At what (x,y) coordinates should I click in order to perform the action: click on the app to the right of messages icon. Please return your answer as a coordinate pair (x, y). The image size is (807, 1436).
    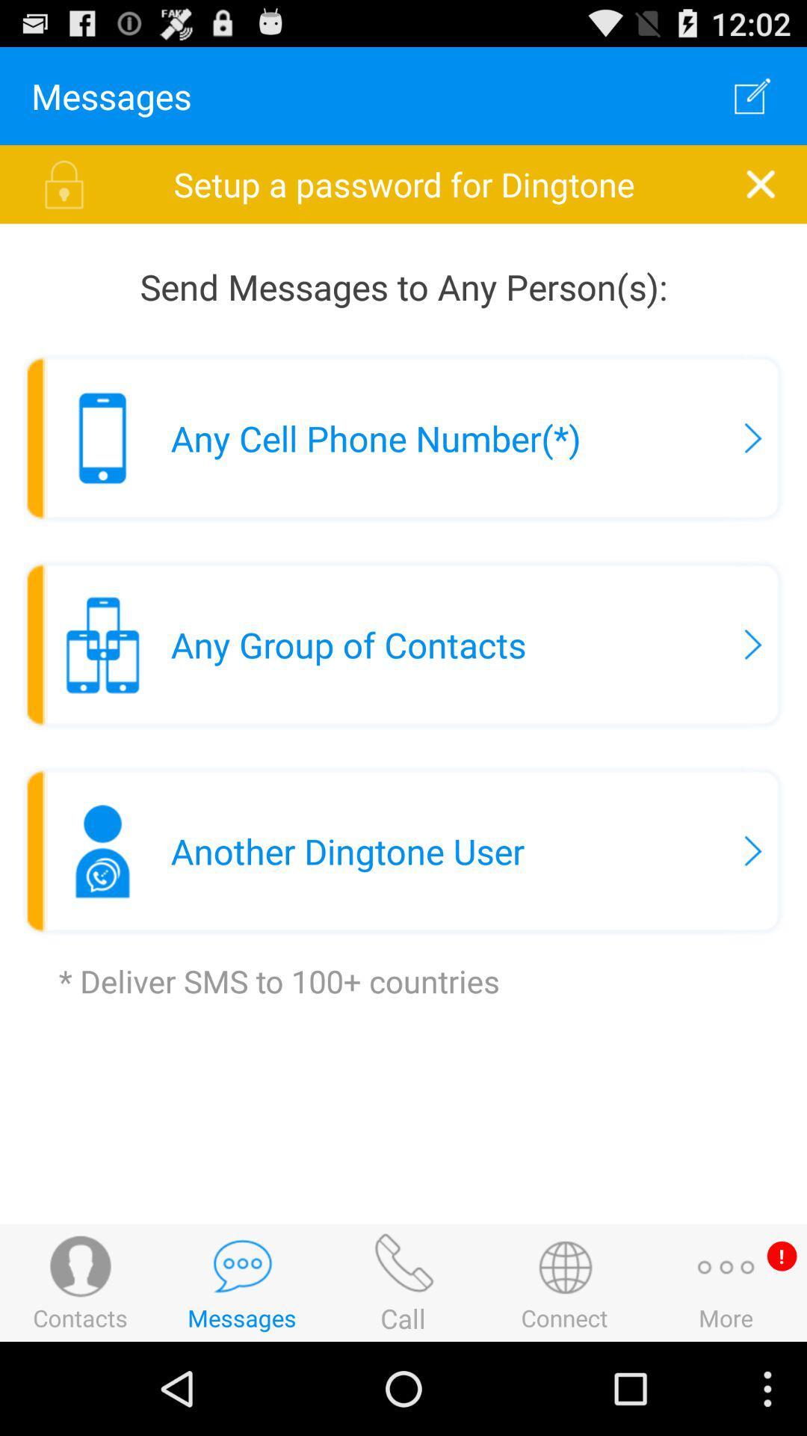
    Looking at the image, I should click on (752, 95).